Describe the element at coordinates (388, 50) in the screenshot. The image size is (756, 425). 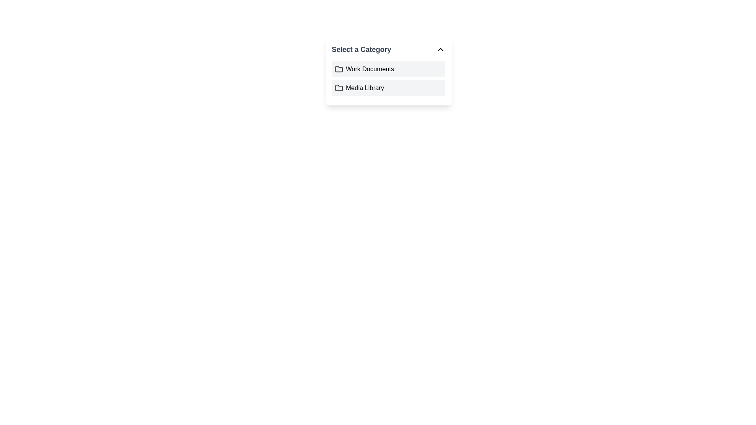
I see `the Dropdown Header at the top of the white, rounded rectangular card` at that location.